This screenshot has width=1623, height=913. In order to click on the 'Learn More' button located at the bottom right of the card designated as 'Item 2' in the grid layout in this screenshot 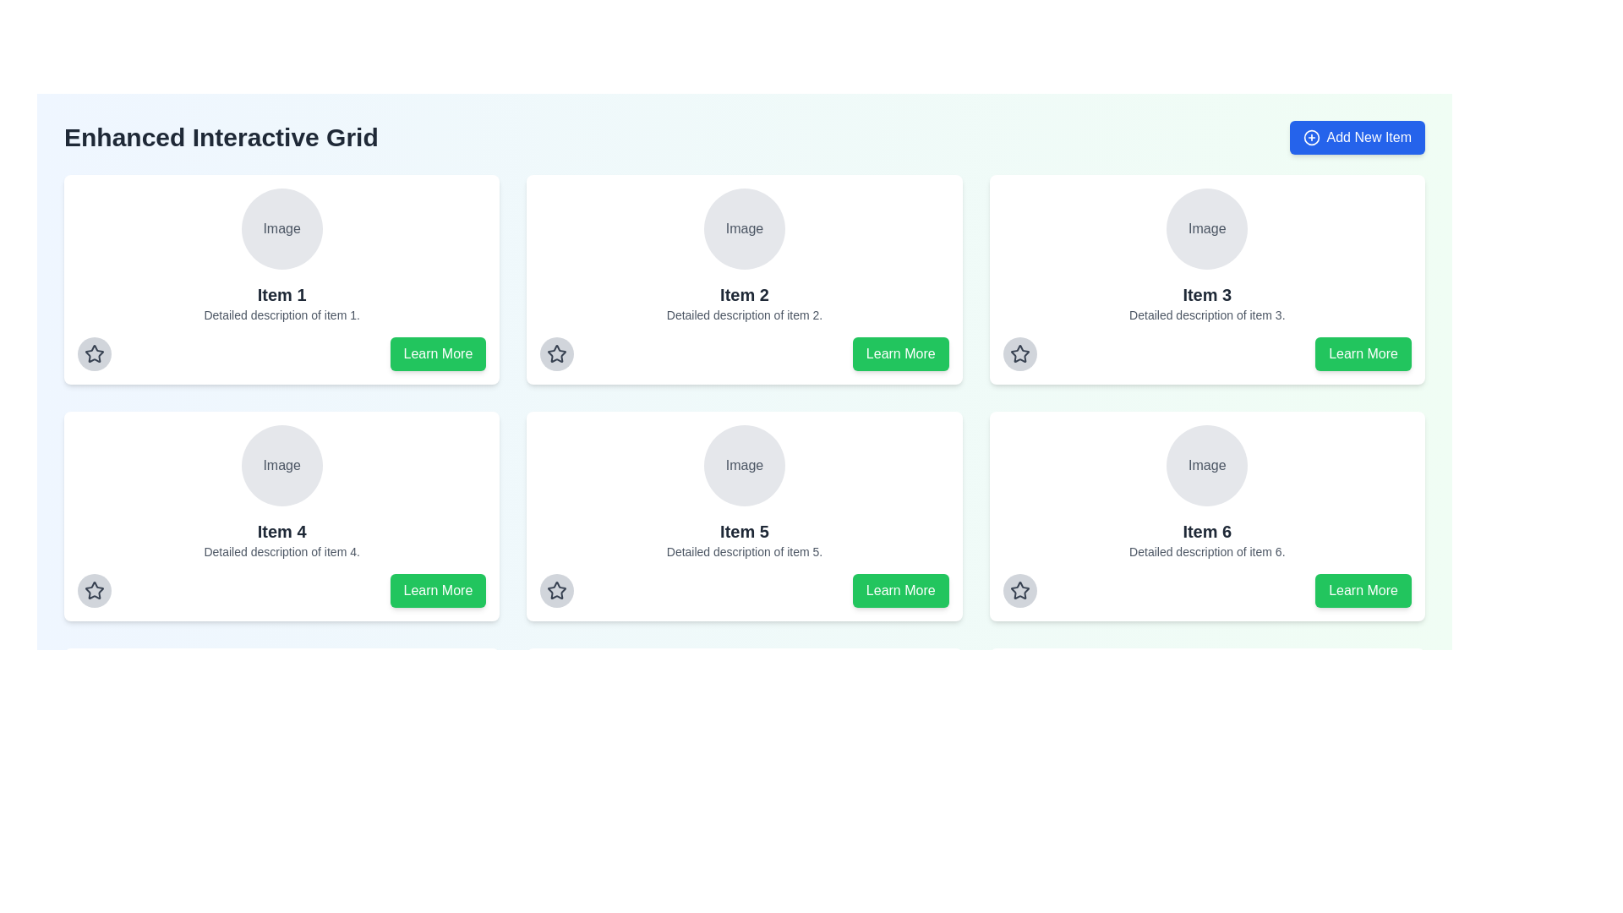, I will do `click(899, 353)`.